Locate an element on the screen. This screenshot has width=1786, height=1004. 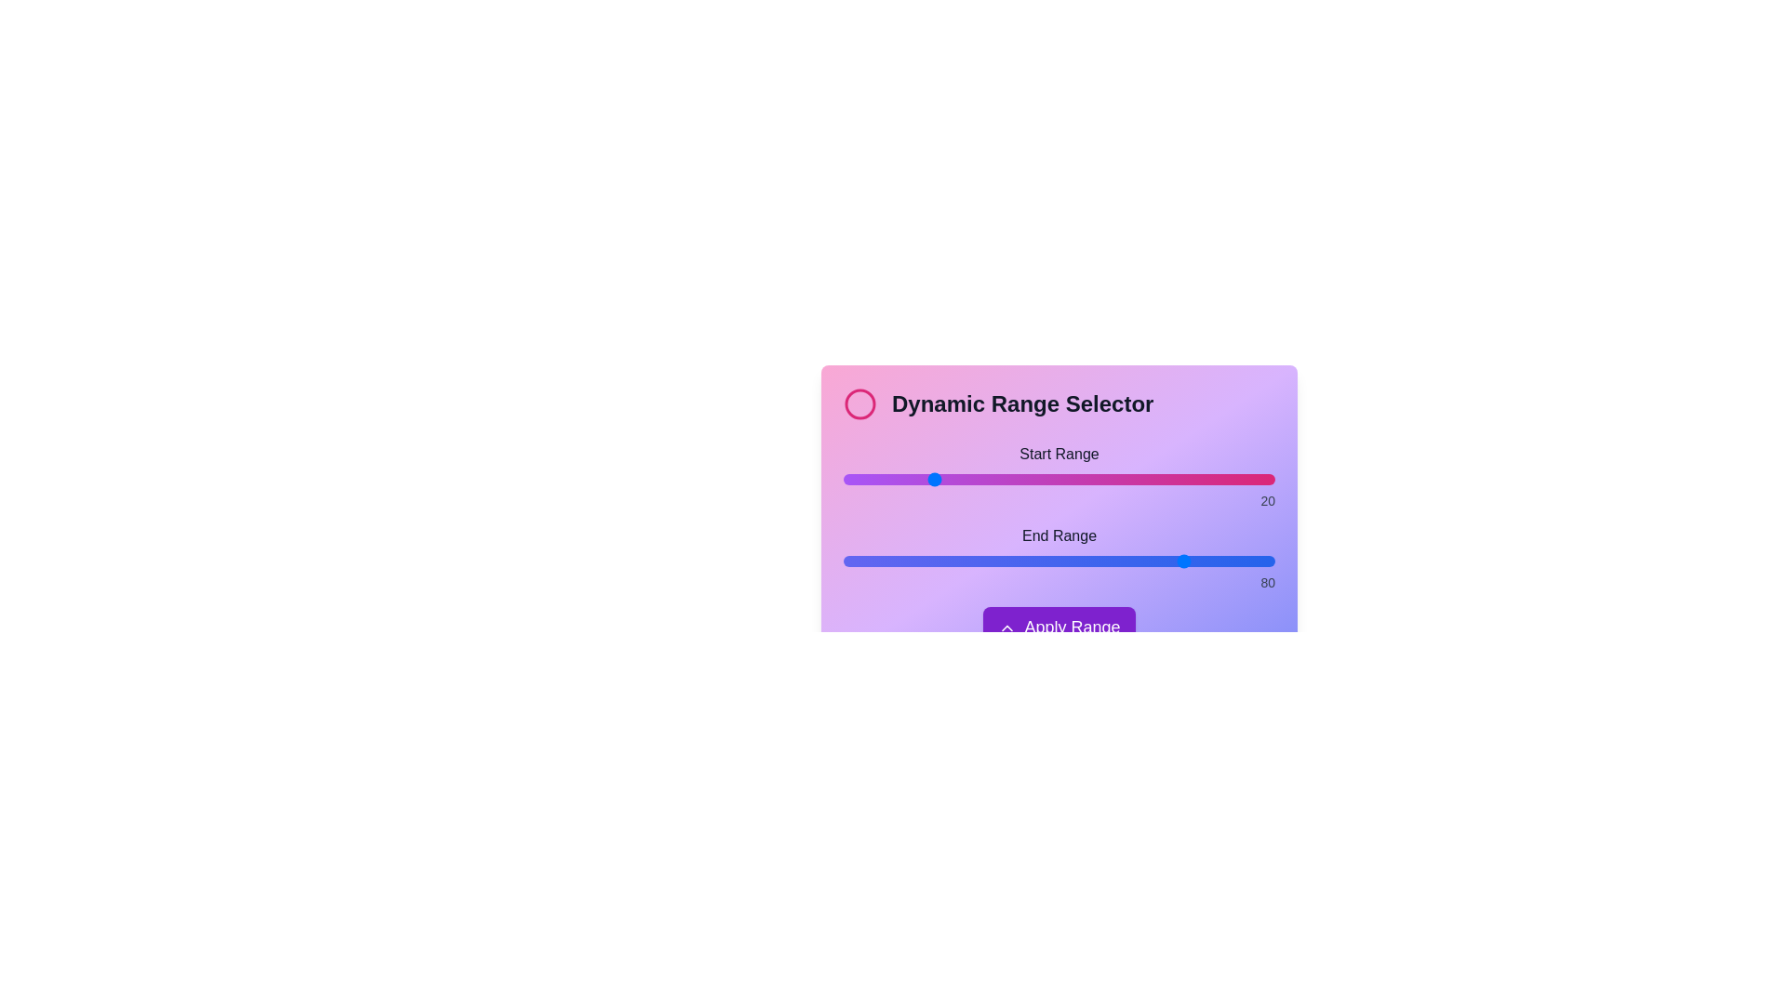
the start range slider to 12 by dragging the slider to the desired position is located at coordinates (895, 479).